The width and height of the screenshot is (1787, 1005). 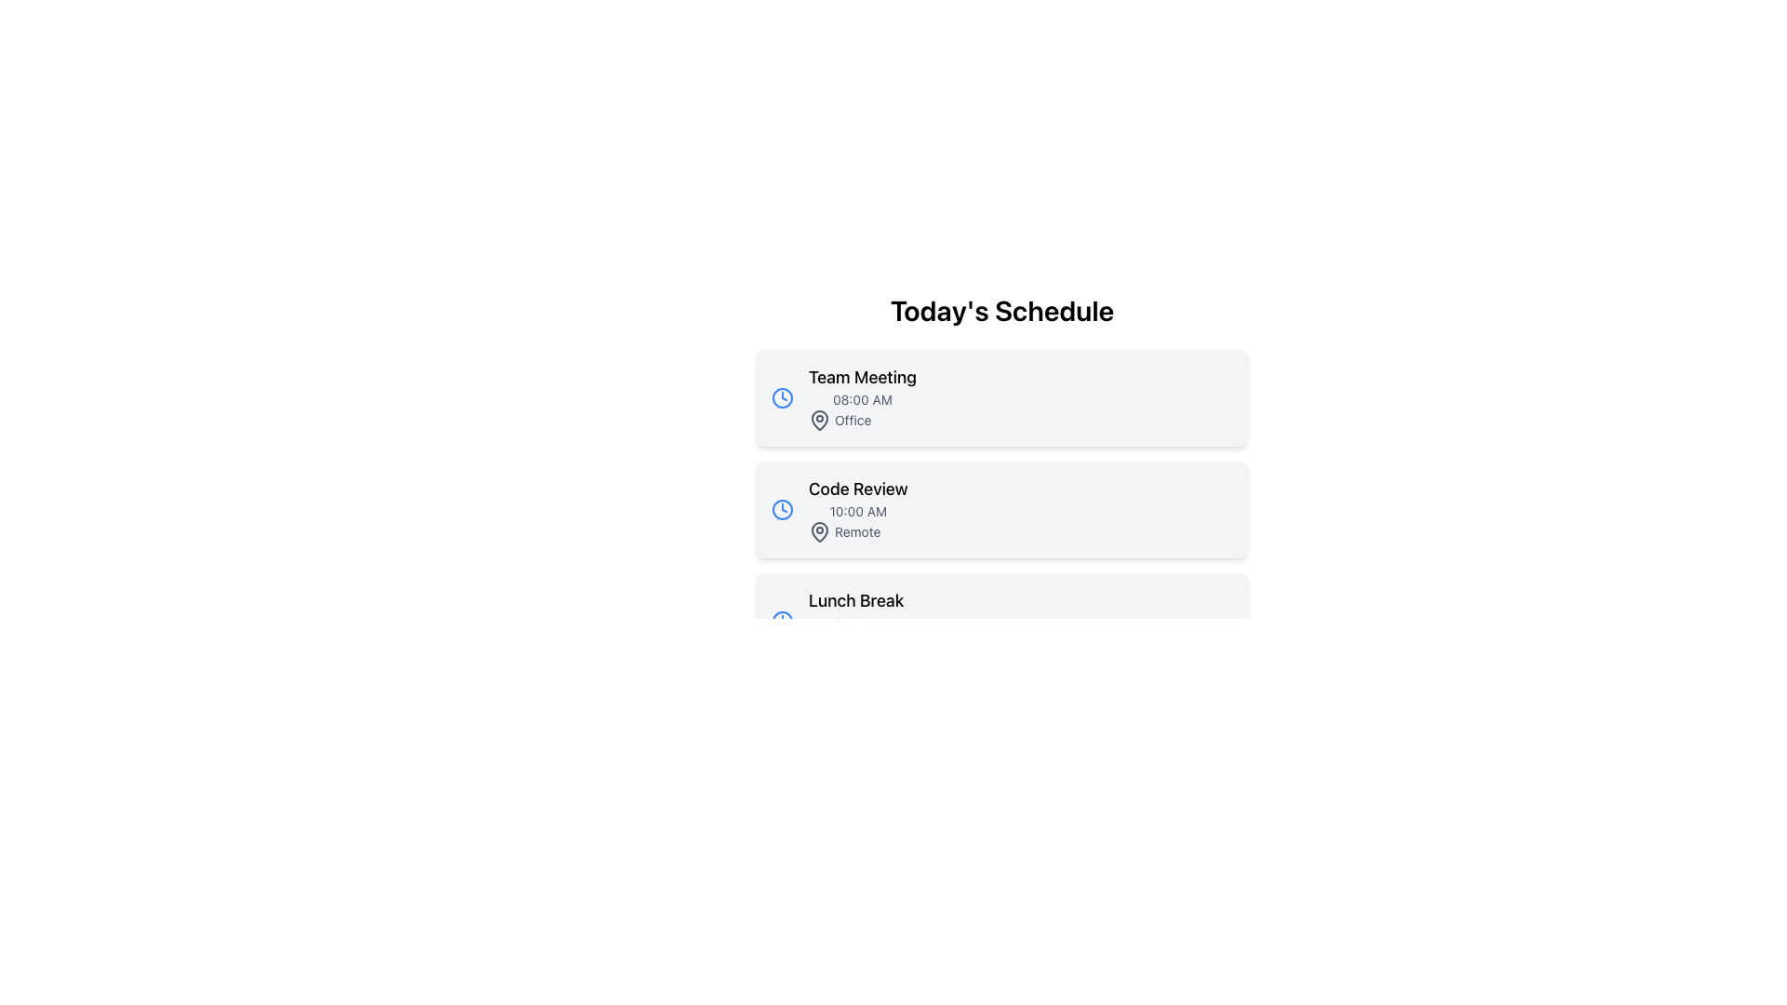 I want to click on the 'Remote' text label, which is styled in a smaller gray font and accompanied by an icon, positioned below the time '10:00 AM' in the details row of the event titled 'Code Review', so click(x=857, y=531).